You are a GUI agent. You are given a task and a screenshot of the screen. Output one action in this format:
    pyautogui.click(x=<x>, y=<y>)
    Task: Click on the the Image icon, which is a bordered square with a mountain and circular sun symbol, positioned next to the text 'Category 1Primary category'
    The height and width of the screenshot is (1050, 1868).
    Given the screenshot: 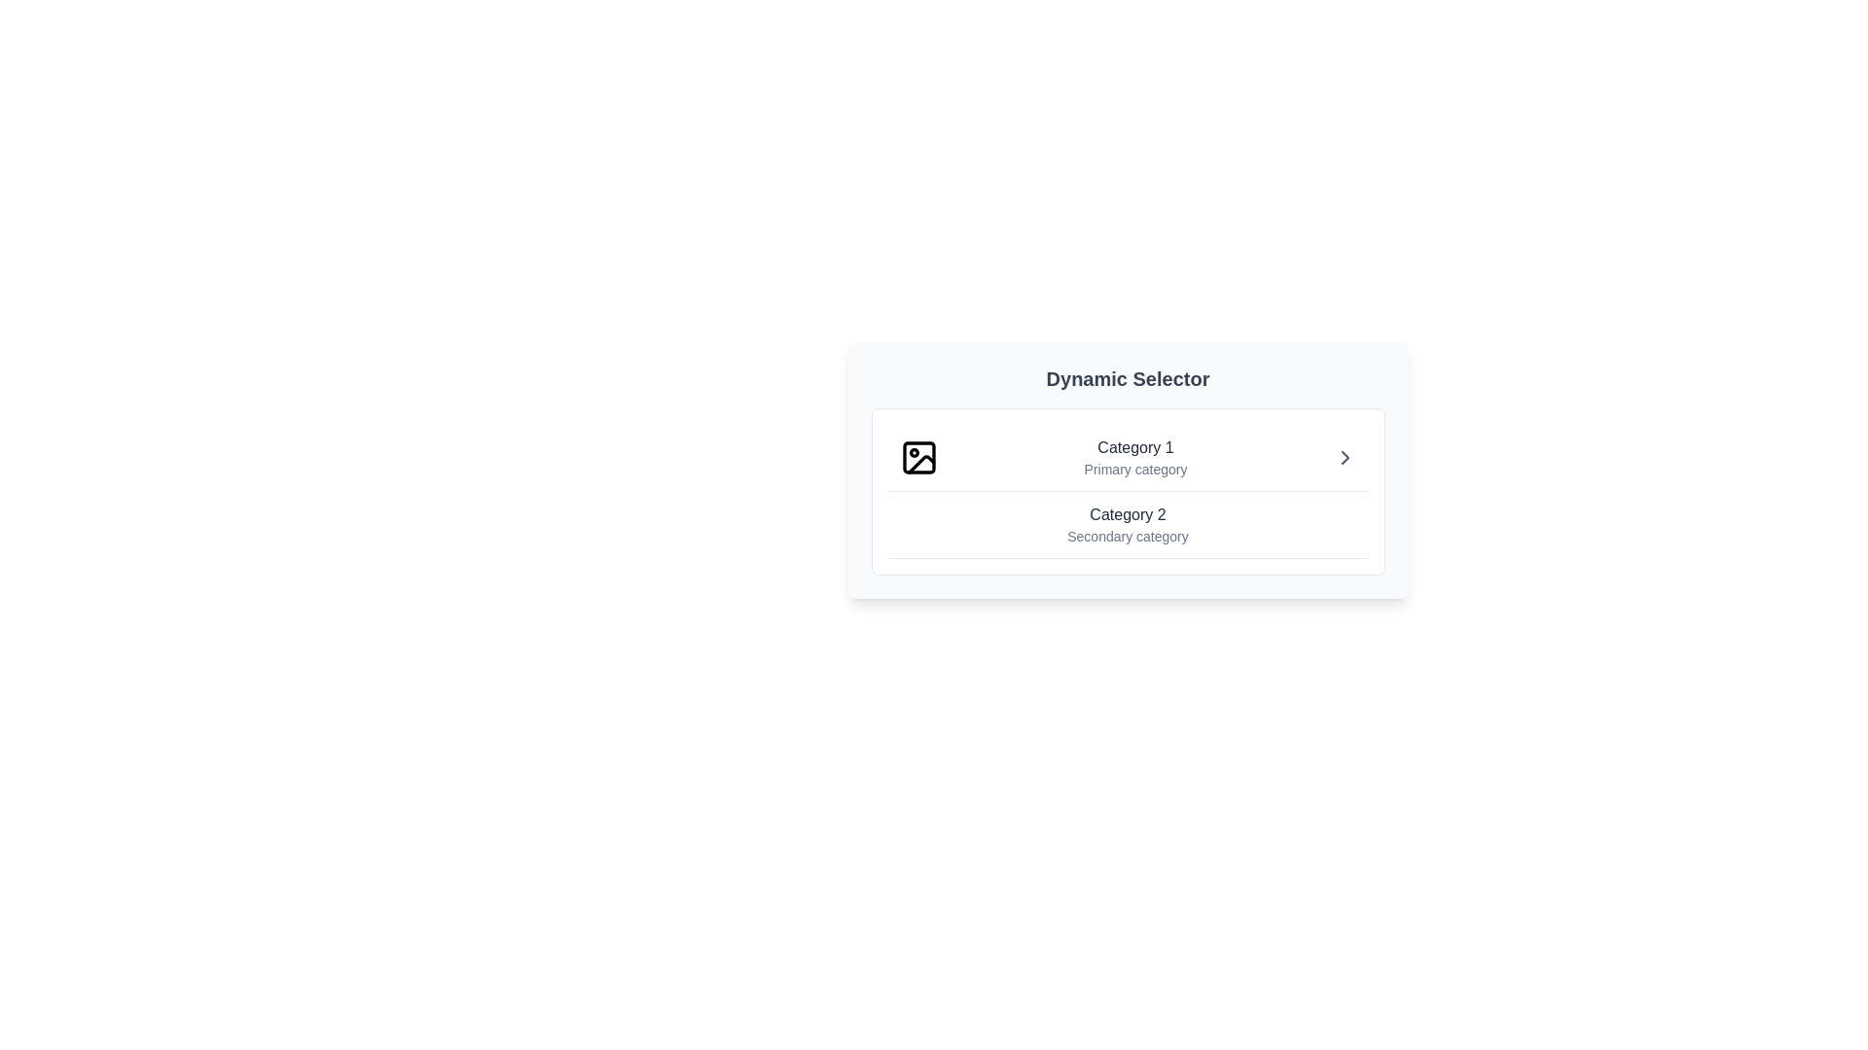 What is the action you would take?
    pyautogui.click(x=917, y=457)
    